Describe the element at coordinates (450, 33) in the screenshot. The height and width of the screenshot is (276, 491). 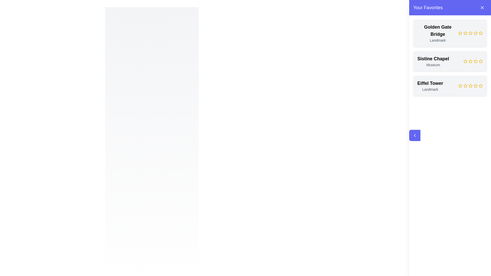
I see `the stars in the first card of the favorites list` at that location.